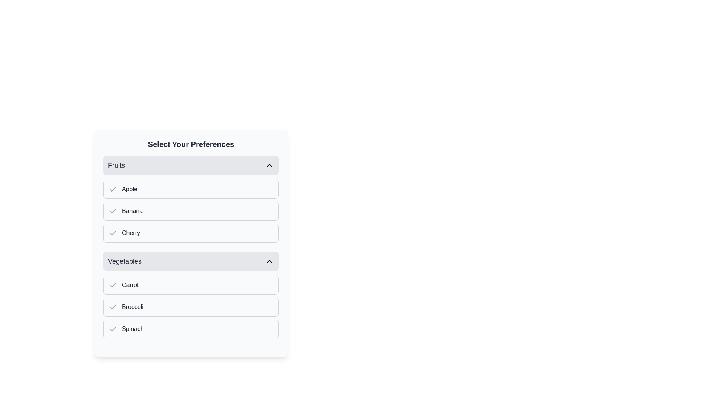 Image resolution: width=725 pixels, height=408 pixels. Describe the element at coordinates (112, 211) in the screenshot. I see `the checkmark icon indicating selection or confirmation associated with the 'Banana' option in the 'Fruits' category` at that location.